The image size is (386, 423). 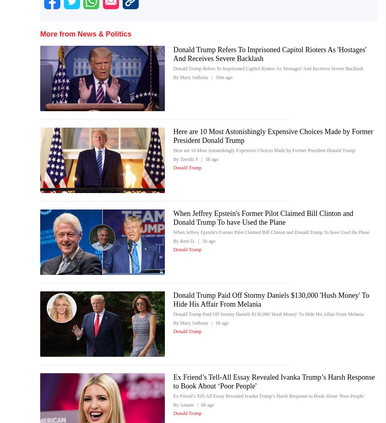 I want to click on 'By Tavishi S', so click(x=186, y=158).